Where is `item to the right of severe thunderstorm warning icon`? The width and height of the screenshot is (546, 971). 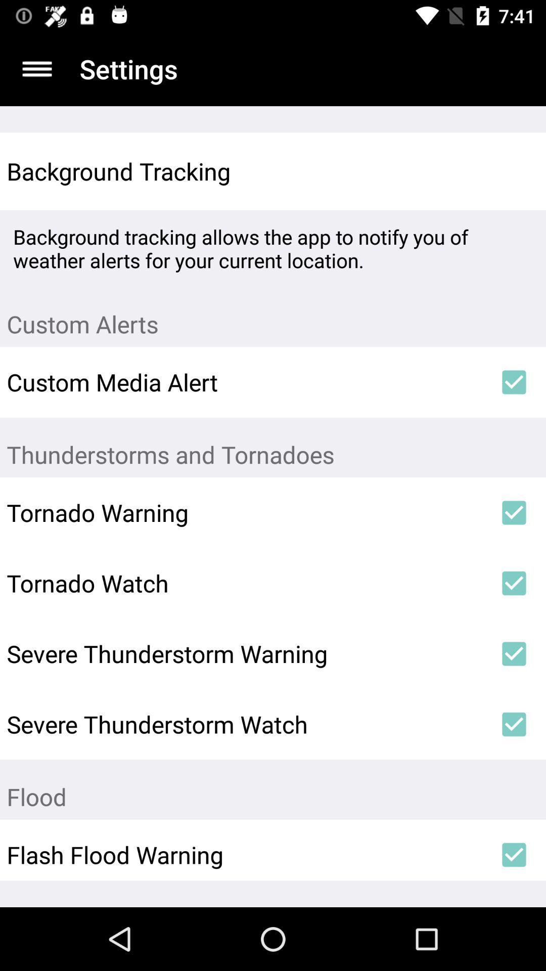 item to the right of severe thunderstorm warning icon is located at coordinates (514, 653).